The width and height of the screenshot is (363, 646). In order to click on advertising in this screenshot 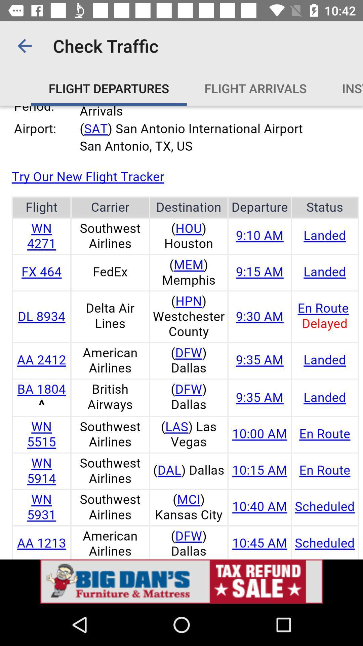, I will do `click(182, 581)`.